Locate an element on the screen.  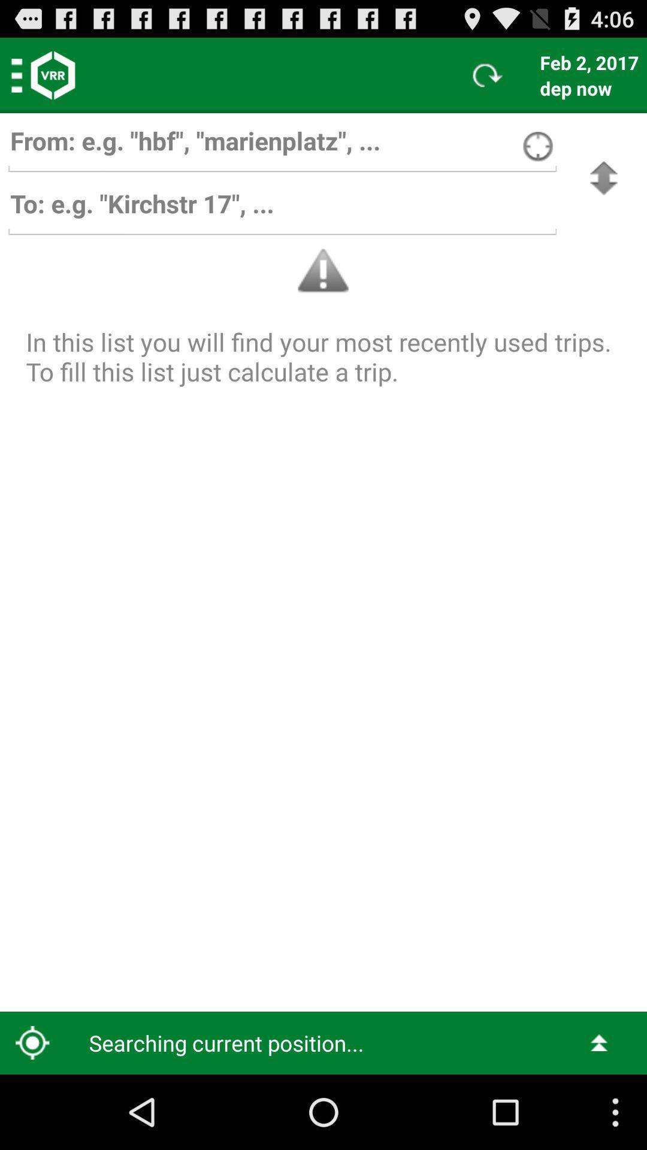
the caution icon is located at coordinates (323, 270).